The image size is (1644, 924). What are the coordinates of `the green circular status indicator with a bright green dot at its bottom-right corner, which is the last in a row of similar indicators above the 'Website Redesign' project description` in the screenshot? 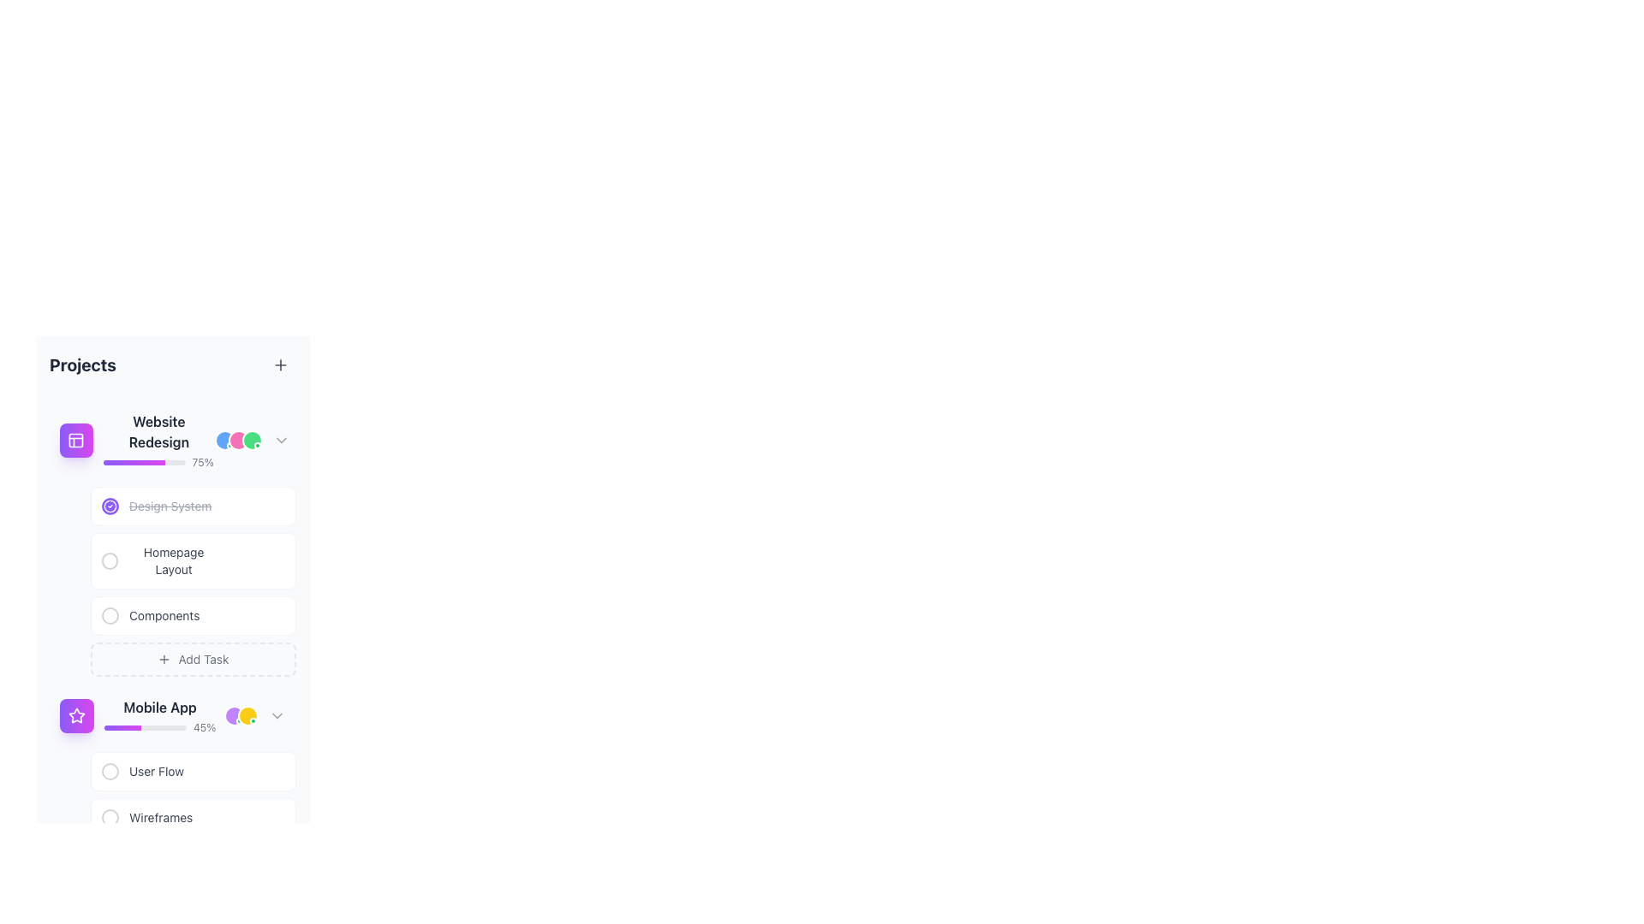 It's located at (252, 440).